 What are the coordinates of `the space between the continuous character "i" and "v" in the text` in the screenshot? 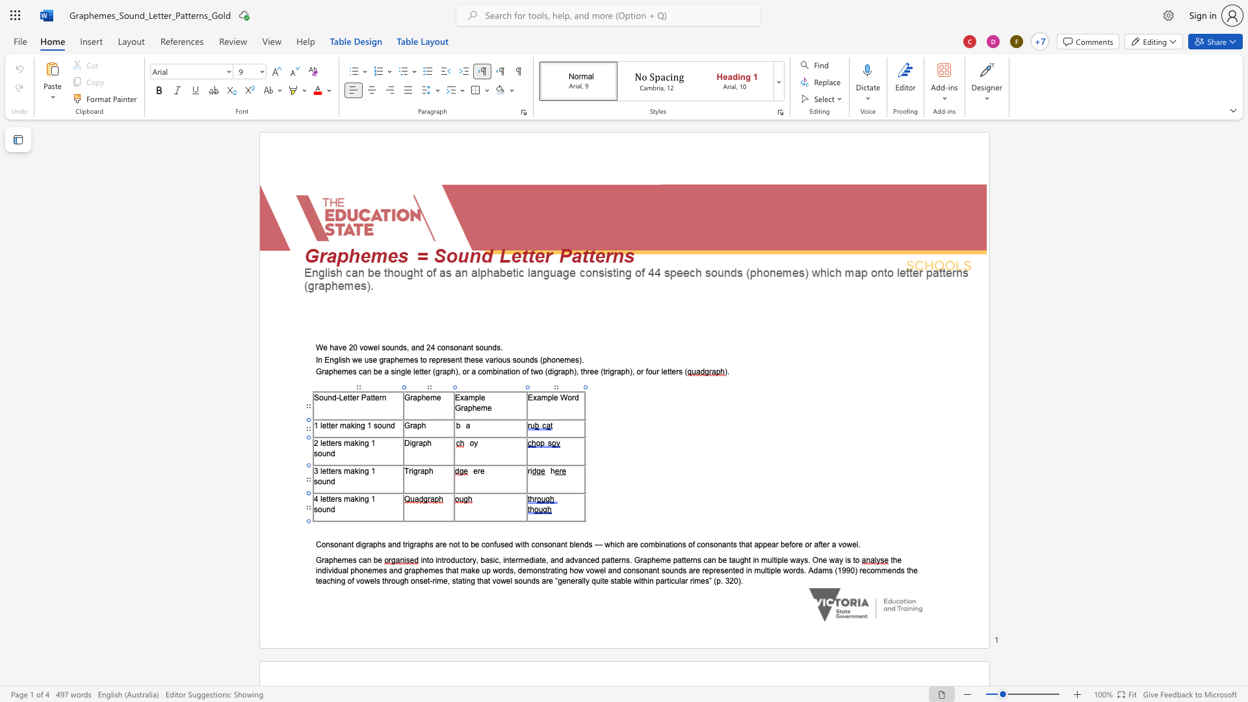 It's located at (328, 569).